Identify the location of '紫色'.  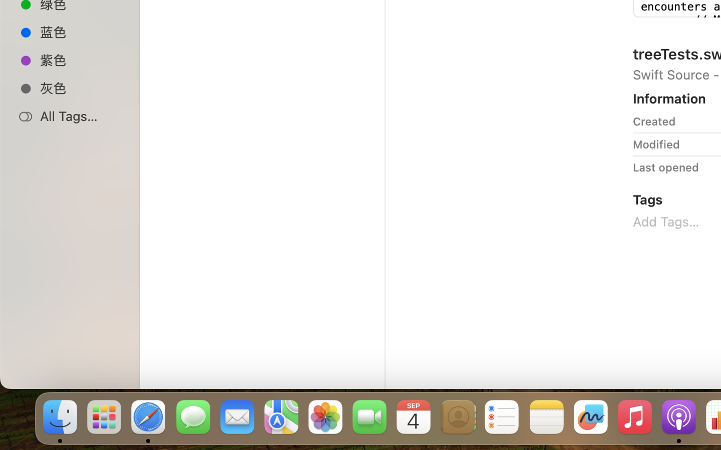
(80, 59).